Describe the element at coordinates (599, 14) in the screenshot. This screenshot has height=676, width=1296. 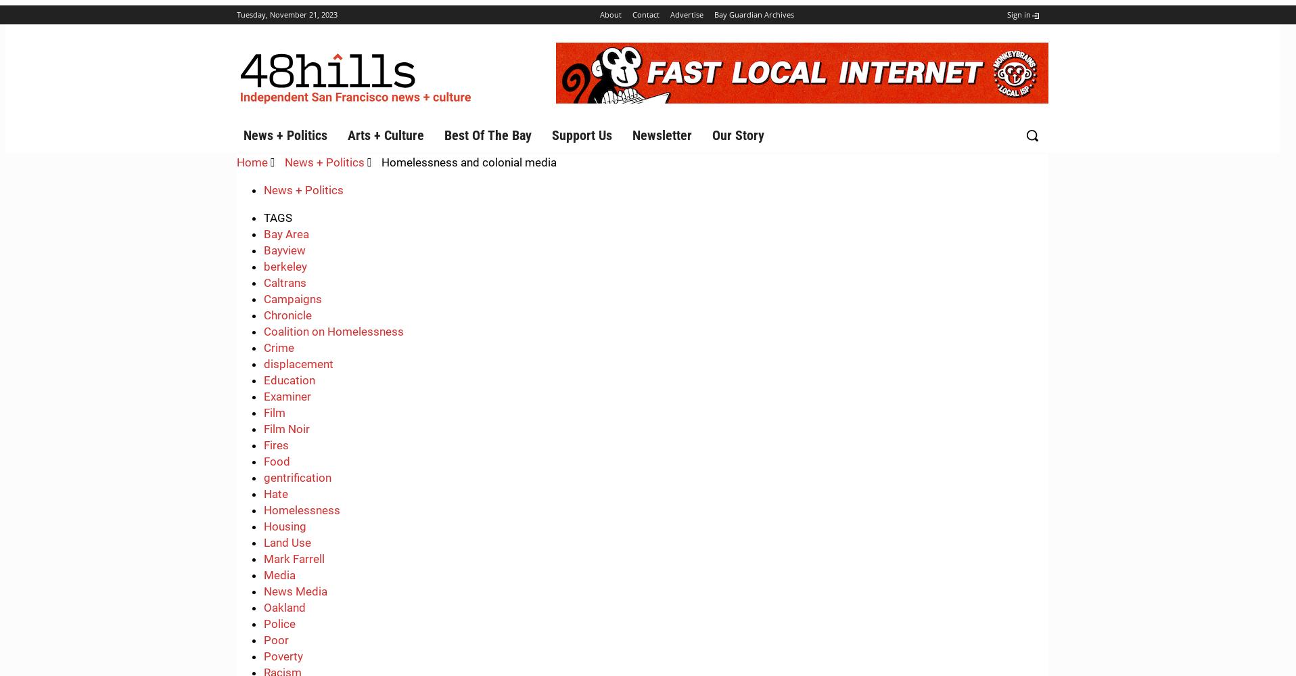
I see `'About'` at that location.